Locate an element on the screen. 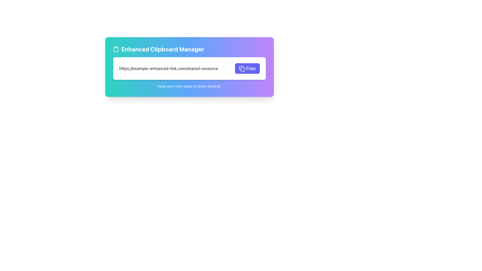  the text label that displays the message 'Keep your links ready to share anytime.' which is located at the bottom of a card with a gradient background is located at coordinates (189, 86).